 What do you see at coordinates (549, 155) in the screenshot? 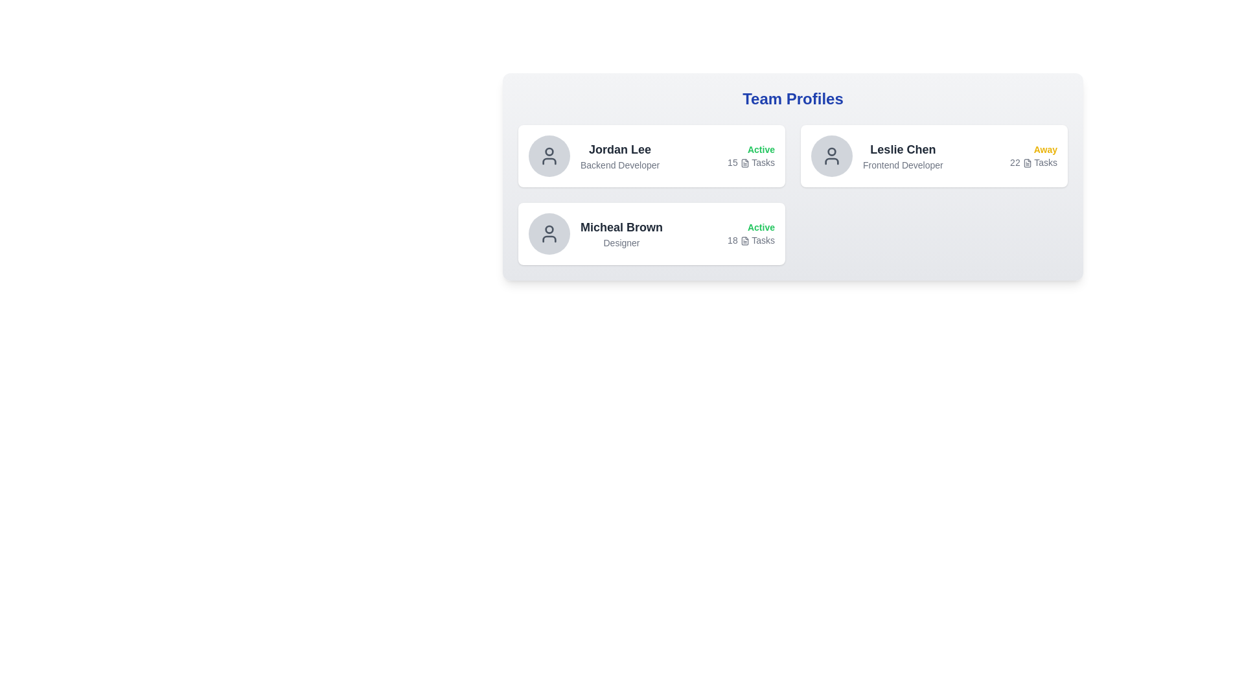
I see `the circular profile placeholder icon located to the left of the name 'Jordan Lee' and their designation 'Backend Developer'` at bounding box center [549, 155].